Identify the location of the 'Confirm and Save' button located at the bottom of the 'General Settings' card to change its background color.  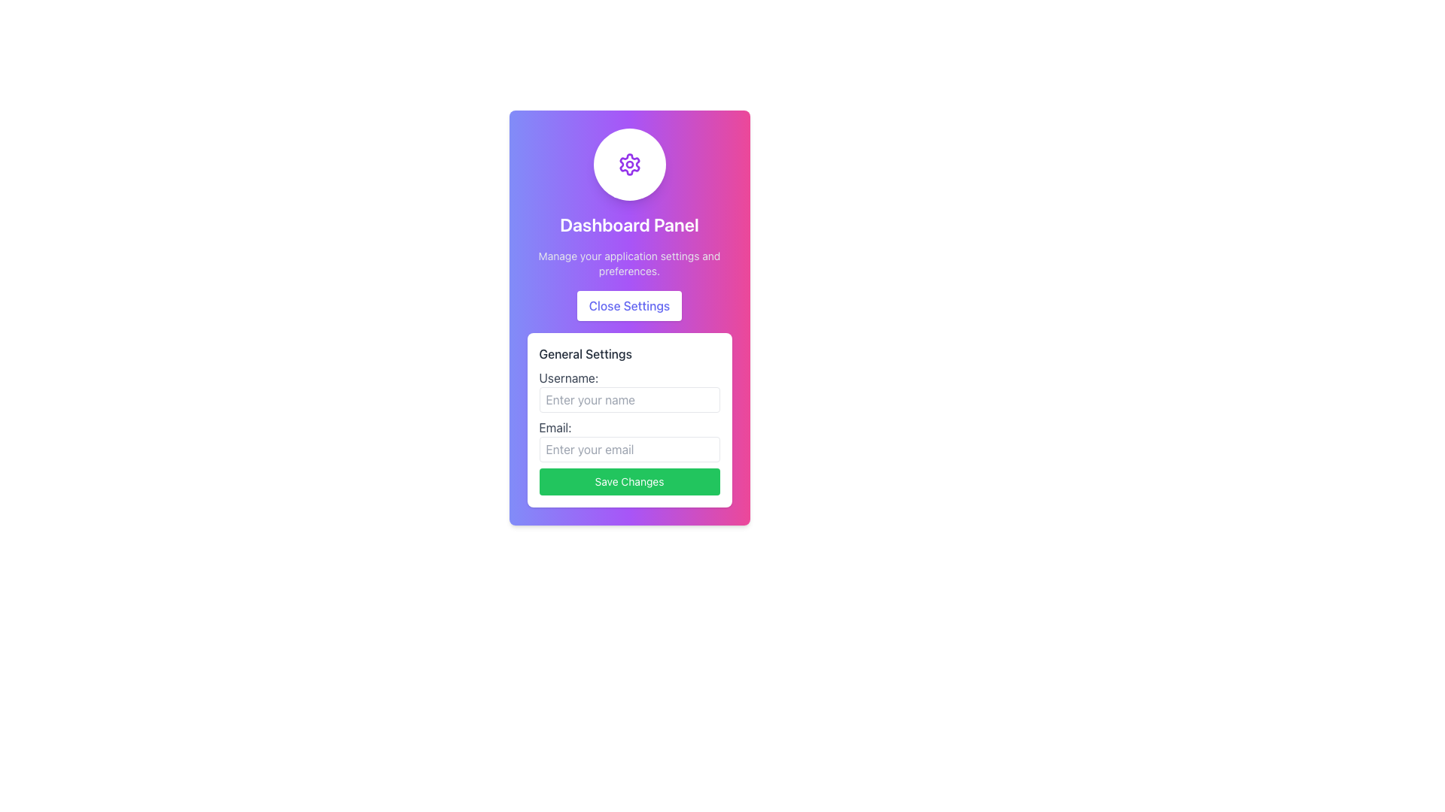
(629, 481).